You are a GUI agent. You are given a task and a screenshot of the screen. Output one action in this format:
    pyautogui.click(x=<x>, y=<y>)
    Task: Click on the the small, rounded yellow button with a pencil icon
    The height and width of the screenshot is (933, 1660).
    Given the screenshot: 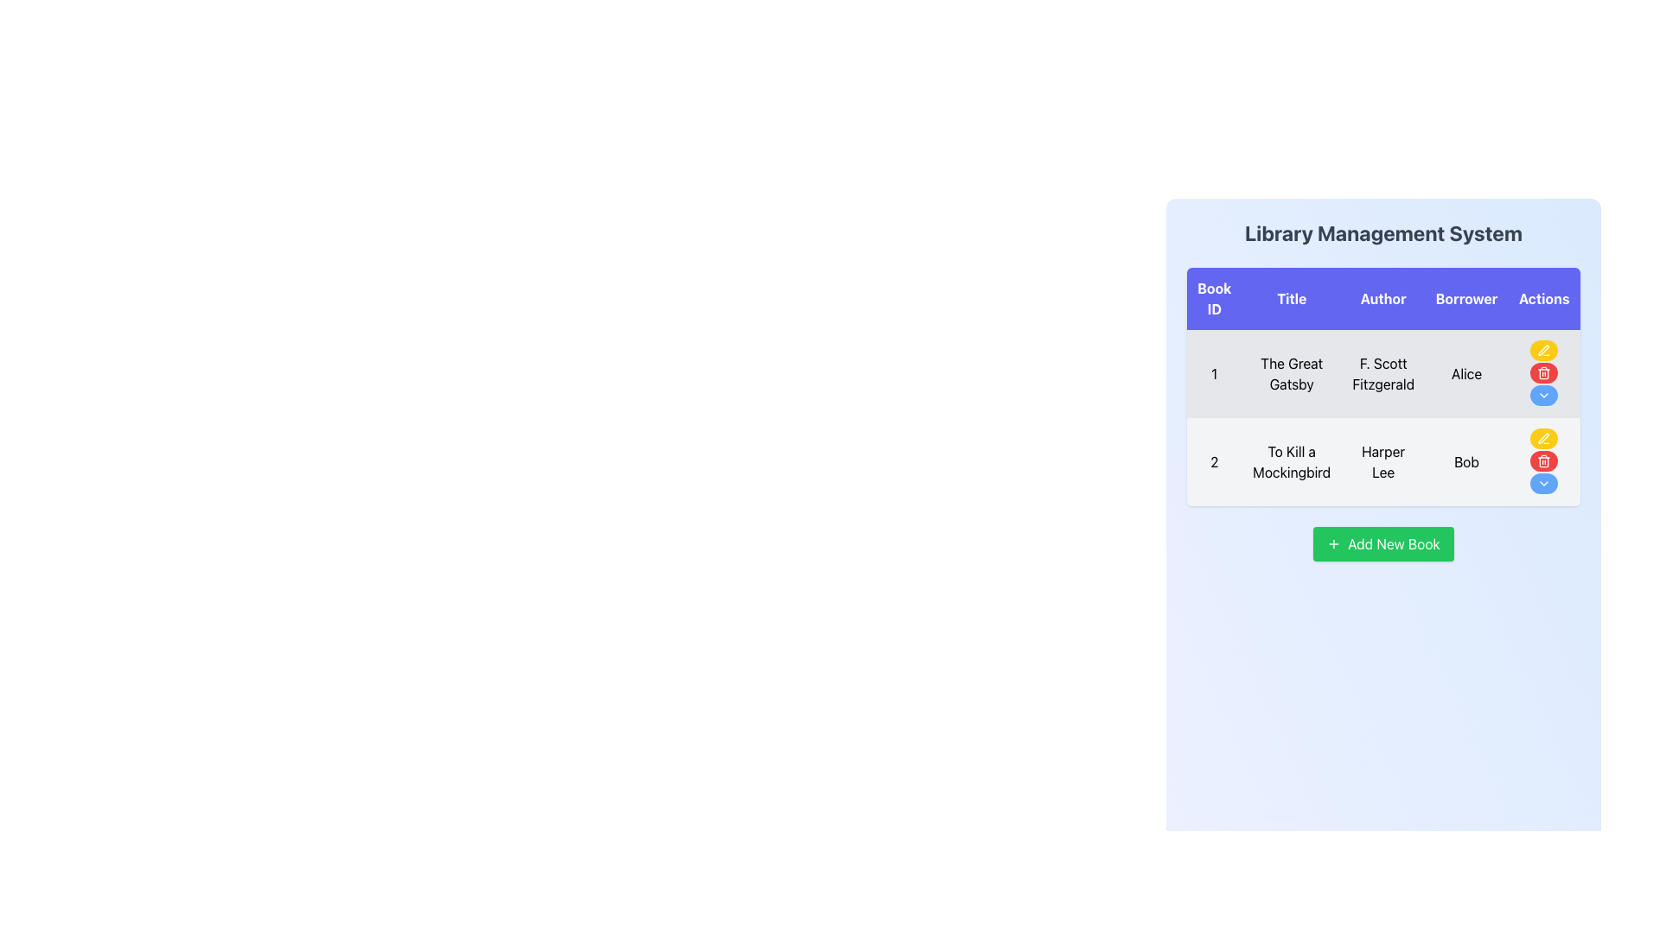 What is the action you would take?
    pyautogui.click(x=1544, y=438)
    